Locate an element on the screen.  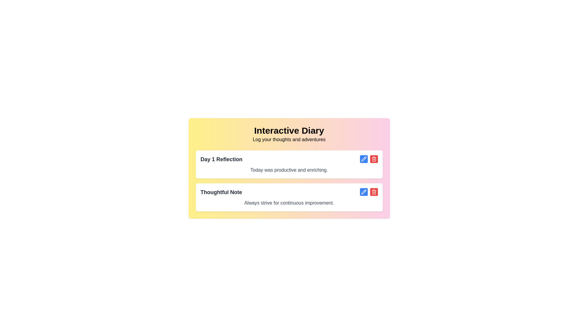
the small red trash can icon button located in the upper right corner of the 'Day 1 Reflection' entry to initiate the deletion action is located at coordinates (373, 159).